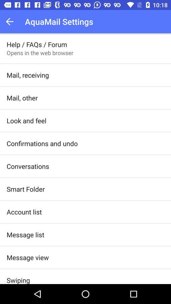 This screenshot has height=304, width=171. What do you see at coordinates (28, 166) in the screenshot?
I see `the conversations icon` at bounding box center [28, 166].